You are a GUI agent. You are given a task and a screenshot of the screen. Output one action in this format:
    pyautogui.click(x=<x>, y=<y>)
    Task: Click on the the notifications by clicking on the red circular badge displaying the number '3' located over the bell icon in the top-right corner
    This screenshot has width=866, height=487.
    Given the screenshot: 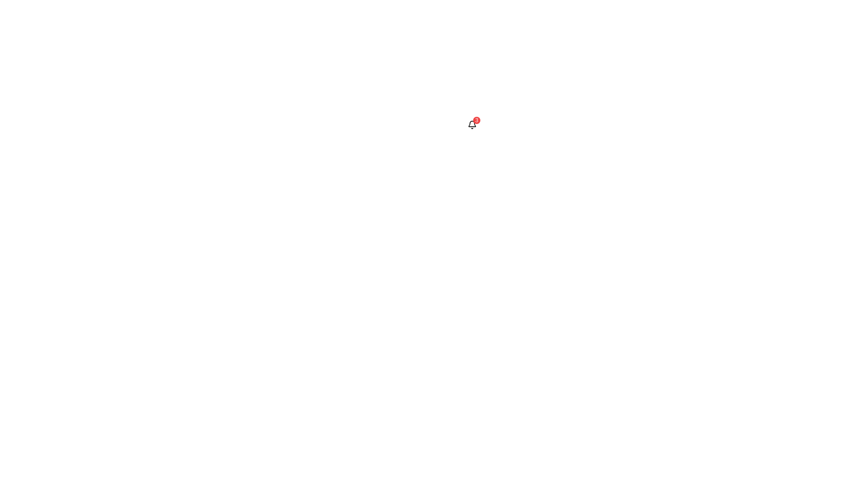 What is the action you would take?
    pyautogui.click(x=471, y=125)
    